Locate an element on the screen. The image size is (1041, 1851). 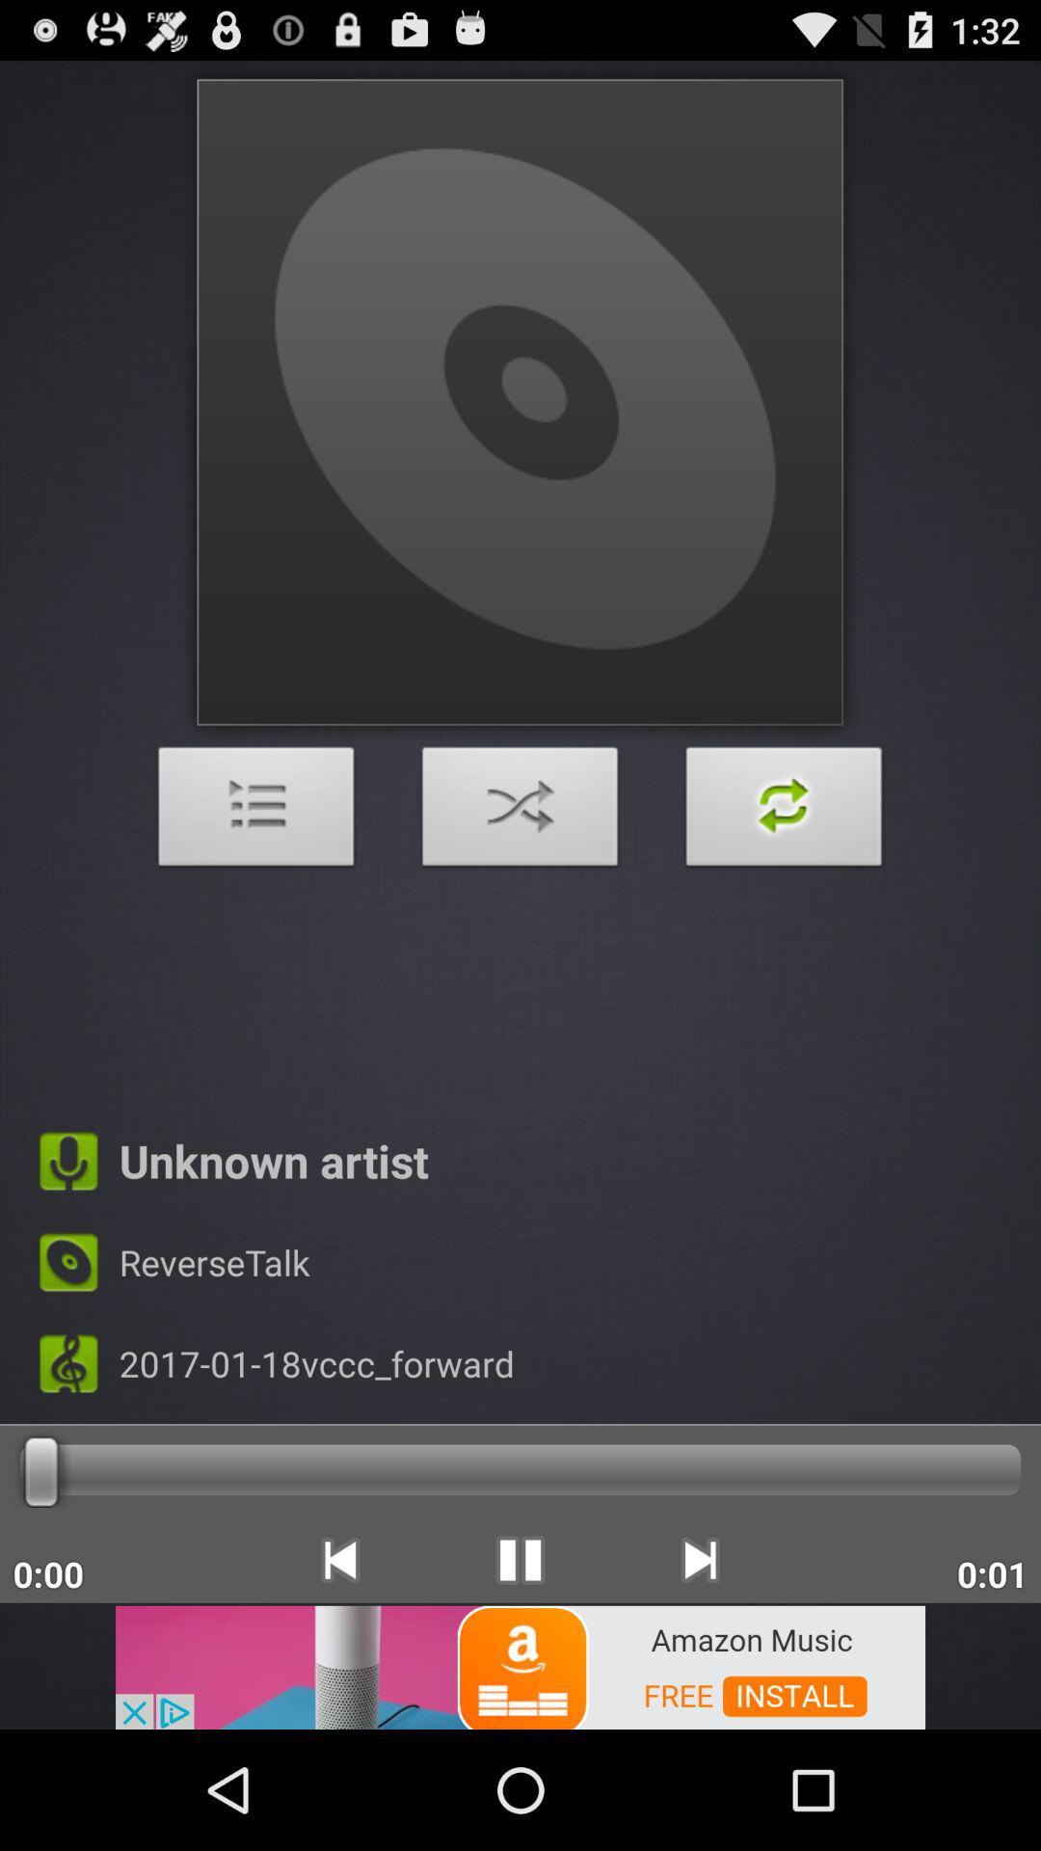
the skip_previous icon is located at coordinates (338, 1668).